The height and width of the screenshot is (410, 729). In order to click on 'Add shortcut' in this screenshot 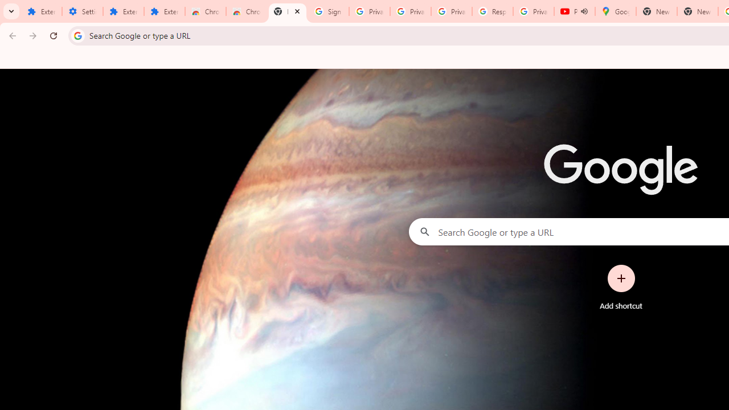, I will do `click(620, 287)`.